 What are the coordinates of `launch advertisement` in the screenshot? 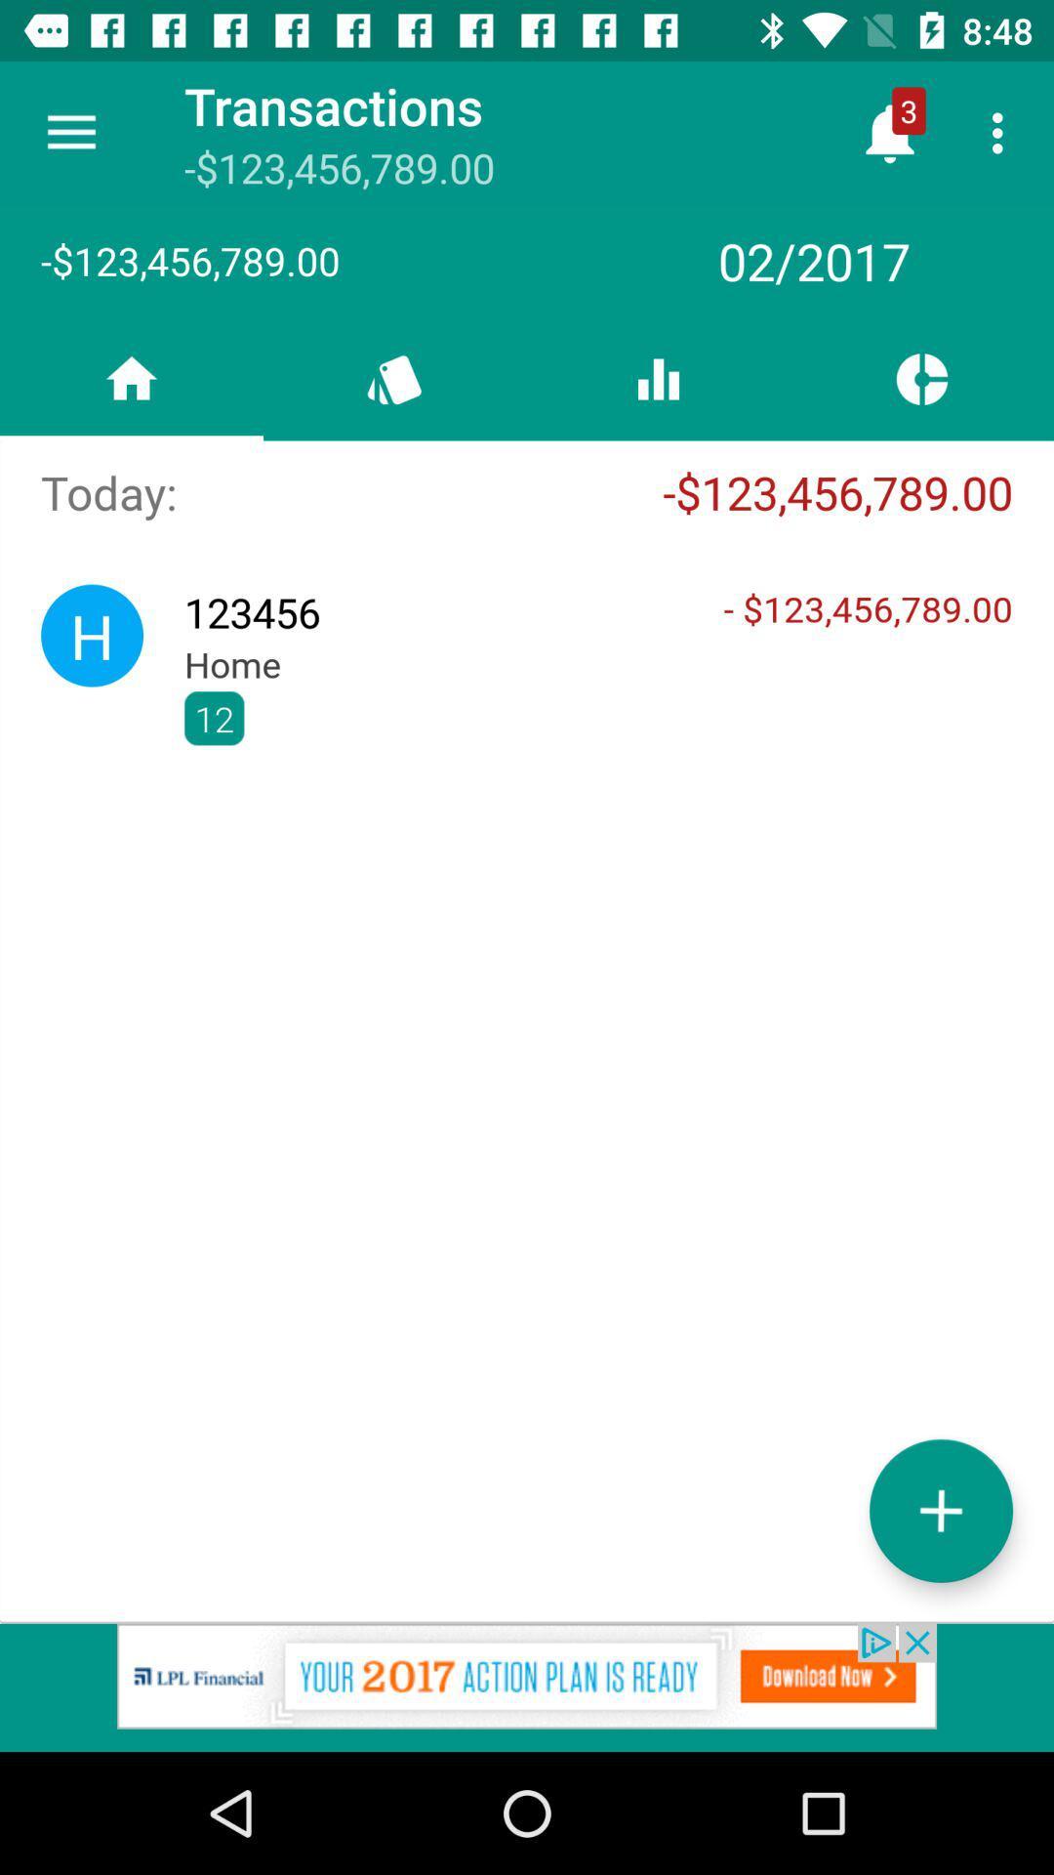 It's located at (527, 1687).